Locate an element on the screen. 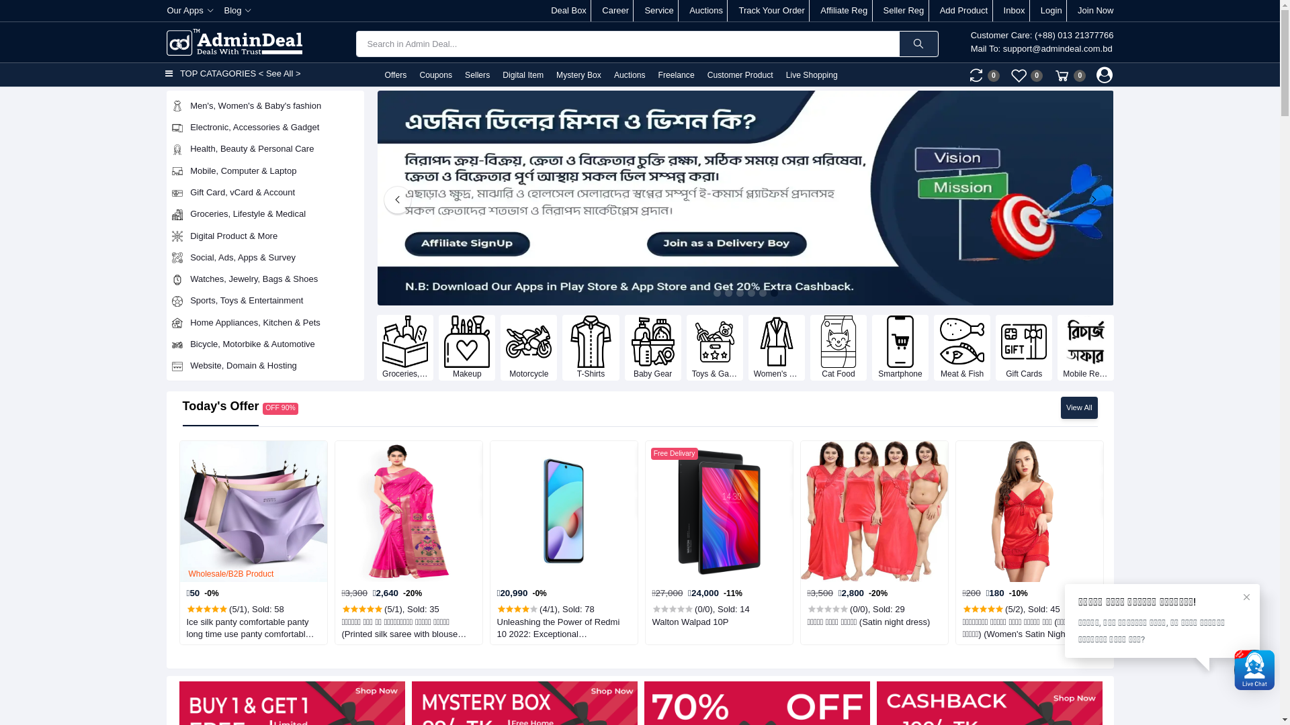 The height and width of the screenshot is (725, 1290). 'Women's Clothing' is located at coordinates (777, 346).